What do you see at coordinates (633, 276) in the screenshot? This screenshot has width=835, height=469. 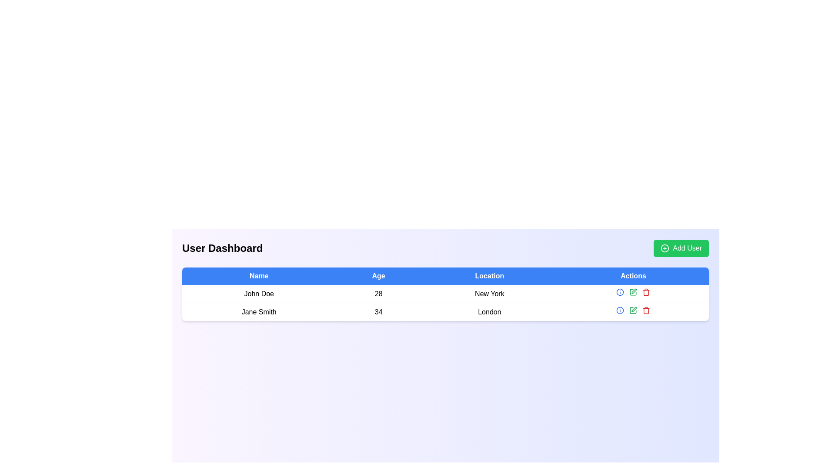 I see `the 'Actions' header component, which is a rectangular box with a blue background and bold white text, located at the rightmost position in the header row of the table` at bounding box center [633, 276].